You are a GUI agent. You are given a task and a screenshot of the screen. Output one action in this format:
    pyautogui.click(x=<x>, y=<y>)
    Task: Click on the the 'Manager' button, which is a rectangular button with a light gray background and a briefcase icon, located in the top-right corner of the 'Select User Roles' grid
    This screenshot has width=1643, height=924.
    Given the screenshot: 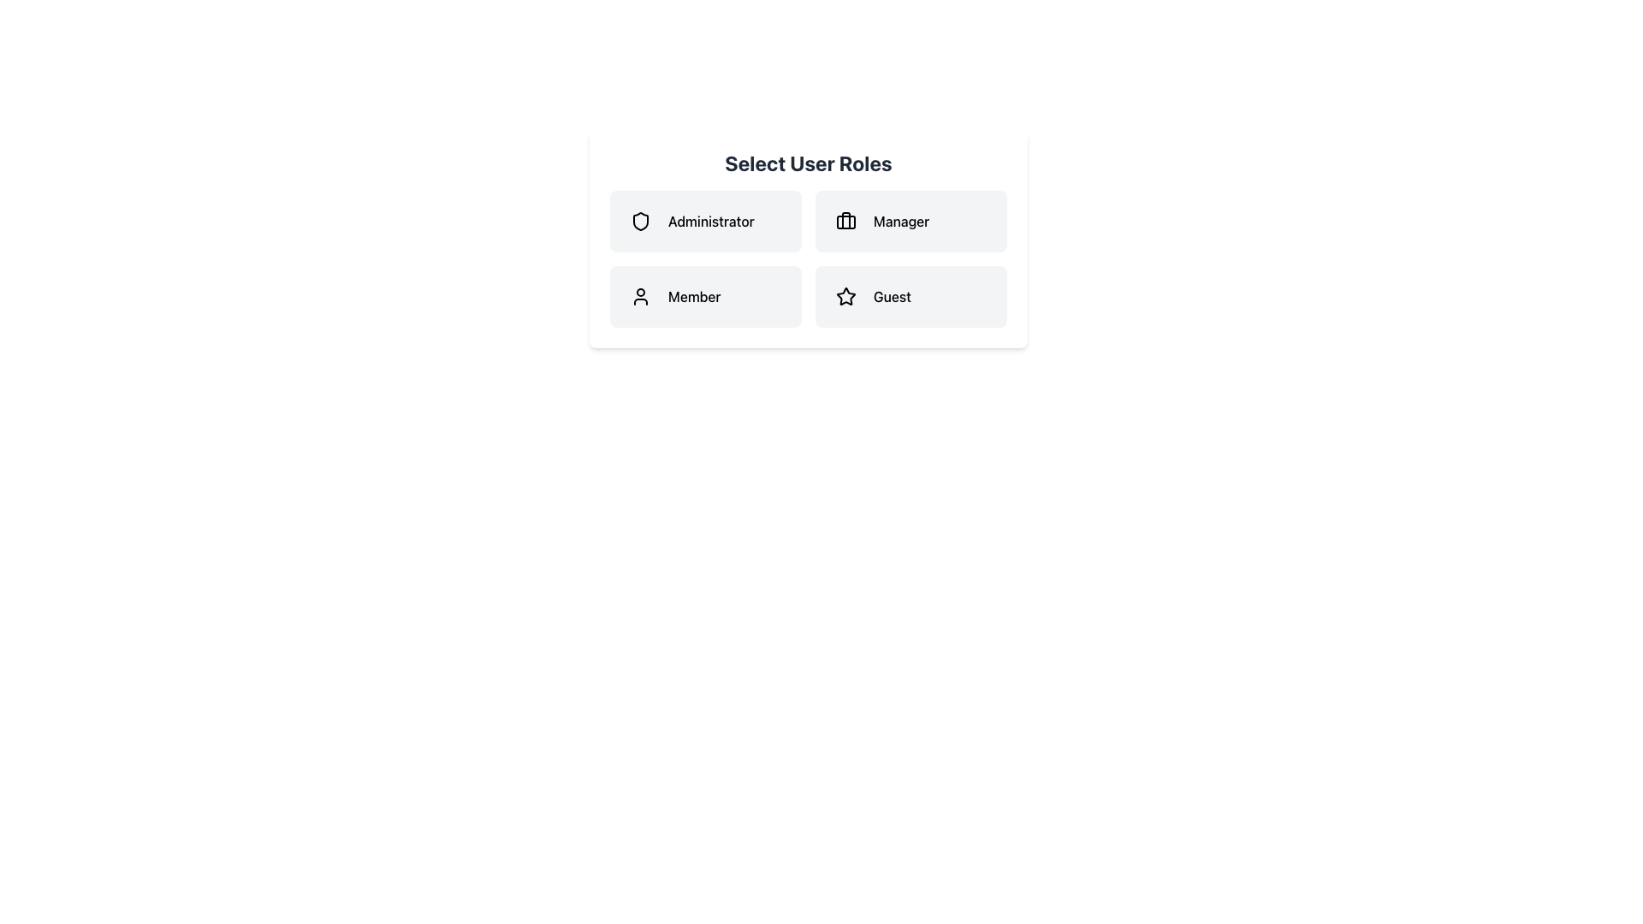 What is the action you would take?
    pyautogui.click(x=910, y=220)
    